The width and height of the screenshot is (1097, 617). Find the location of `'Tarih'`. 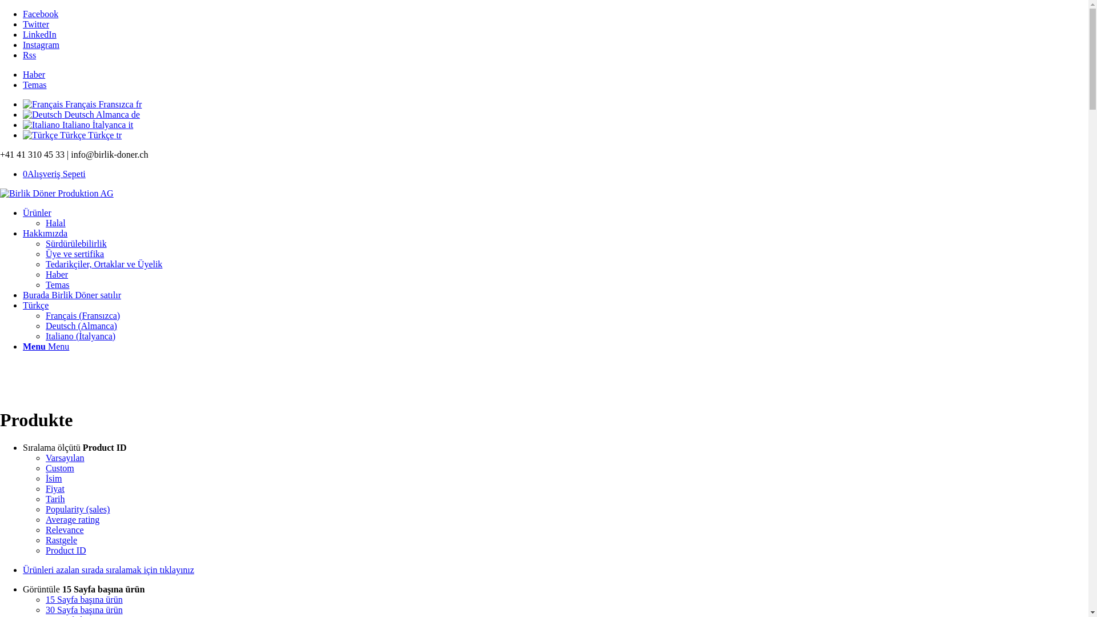

'Tarih' is located at coordinates (54, 498).